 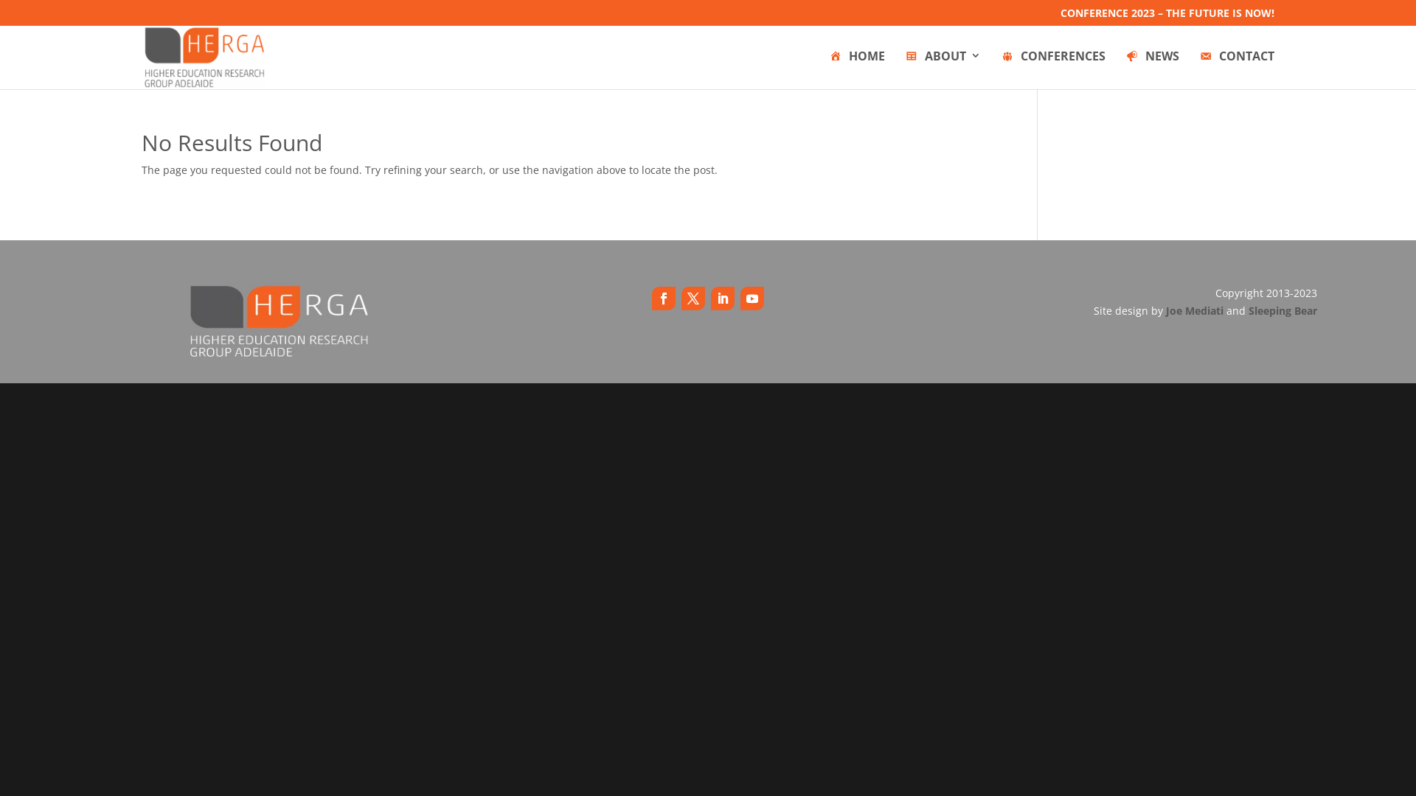 I want to click on 'Follow on X', so click(x=681, y=298).